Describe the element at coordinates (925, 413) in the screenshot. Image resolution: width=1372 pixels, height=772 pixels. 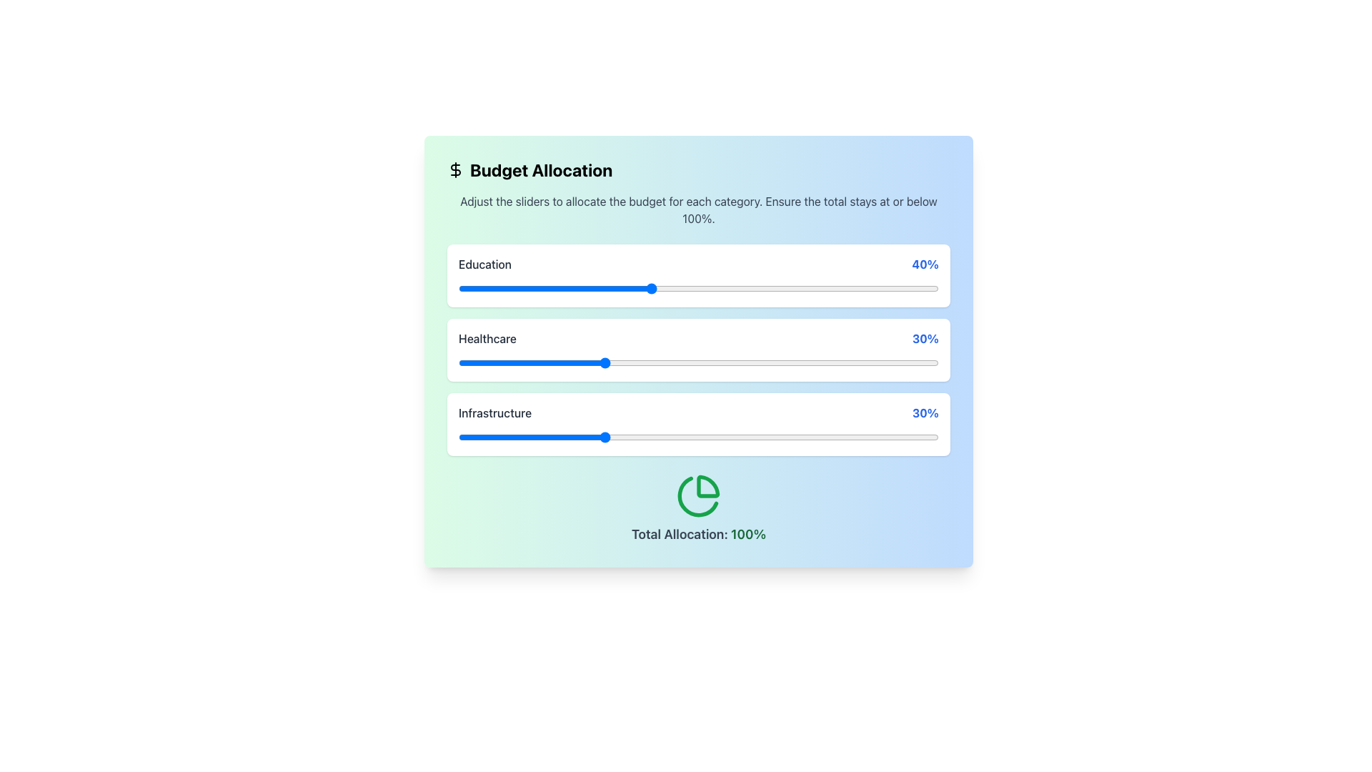
I see `text content of the Text label that shows the allocated percentage value for the 'Infrastructure' category in the budget allocation interface, located at the far-right edge of the 'Infrastructure' row` at that location.